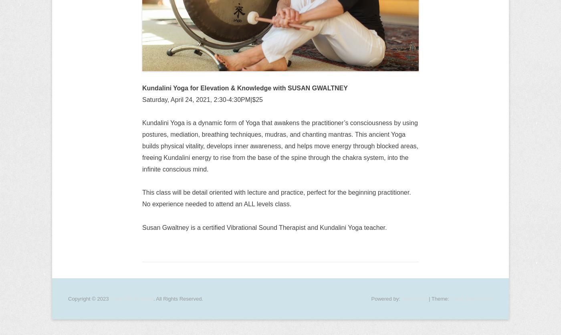  Describe the element at coordinates (471, 298) in the screenshot. I see `'Catch Everest Pro'` at that location.